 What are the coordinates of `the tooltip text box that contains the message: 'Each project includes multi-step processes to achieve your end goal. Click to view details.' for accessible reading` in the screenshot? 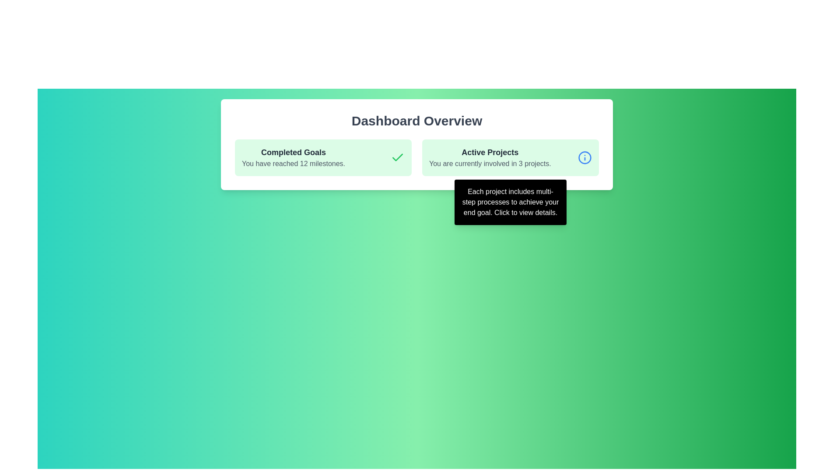 It's located at (510, 202).